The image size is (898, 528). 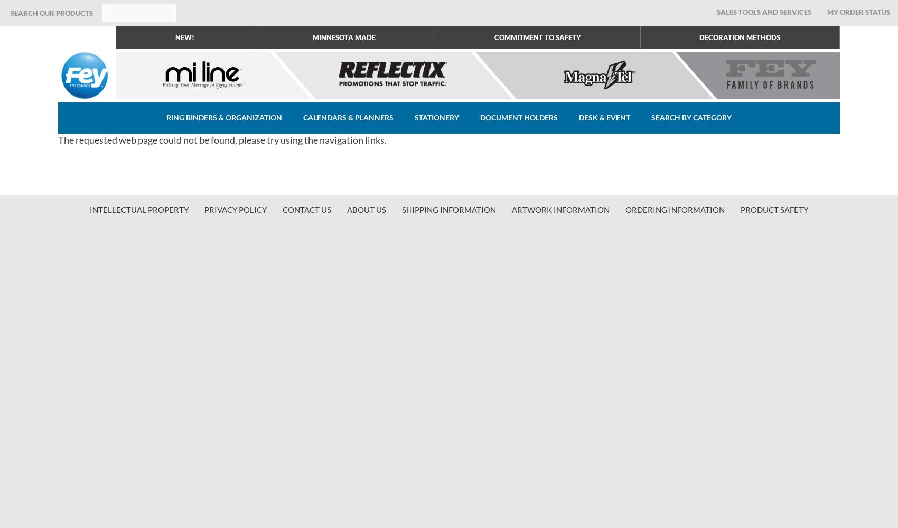 I want to click on 'Decoration Methods', so click(x=739, y=37).